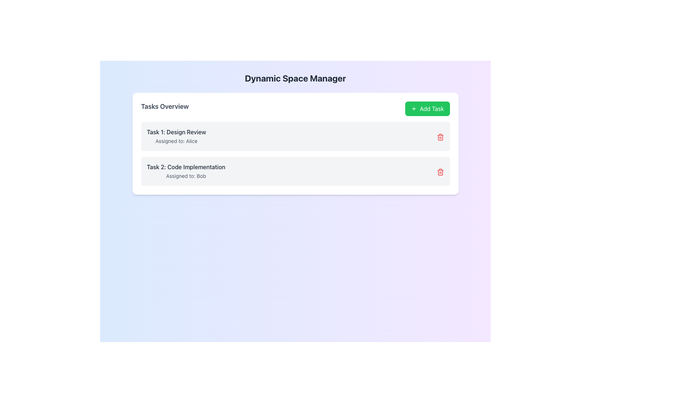 This screenshot has width=699, height=393. Describe the element at coordinates (176, 136) in the screenshot. I see `the task card associated with the text element that displays 'Task 1: Design Review' and 'Assigned to: Alice', located centrally within the first task card under 'Tasks Overview'` at that location.